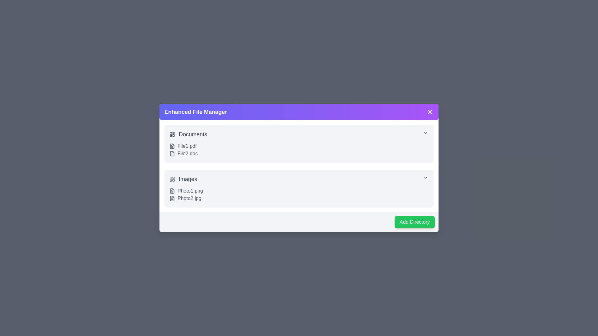  I want to click on the file File2.doc listed under the directory Documents, so click(172, 153).